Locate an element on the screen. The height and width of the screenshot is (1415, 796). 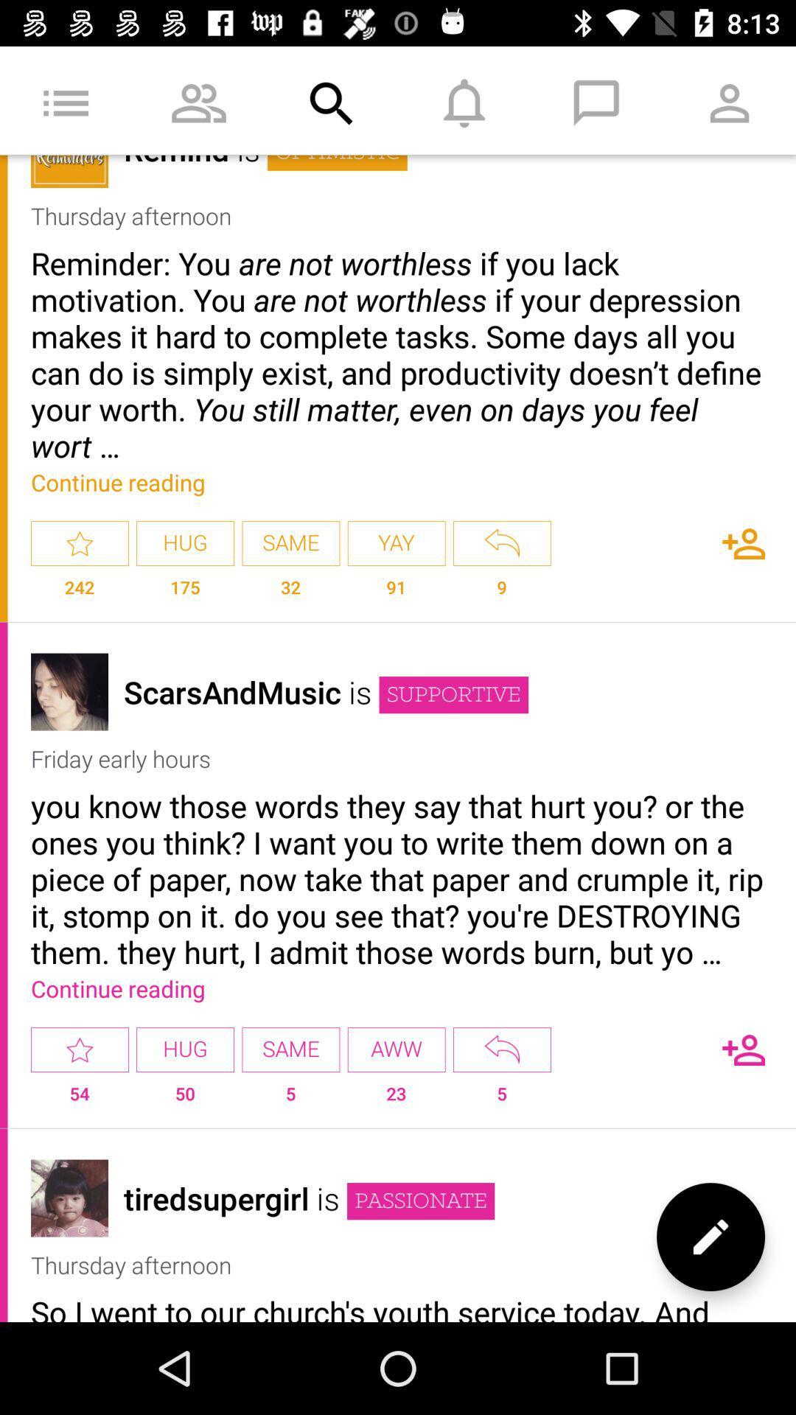
profile is located at coordinates (69, 1198).